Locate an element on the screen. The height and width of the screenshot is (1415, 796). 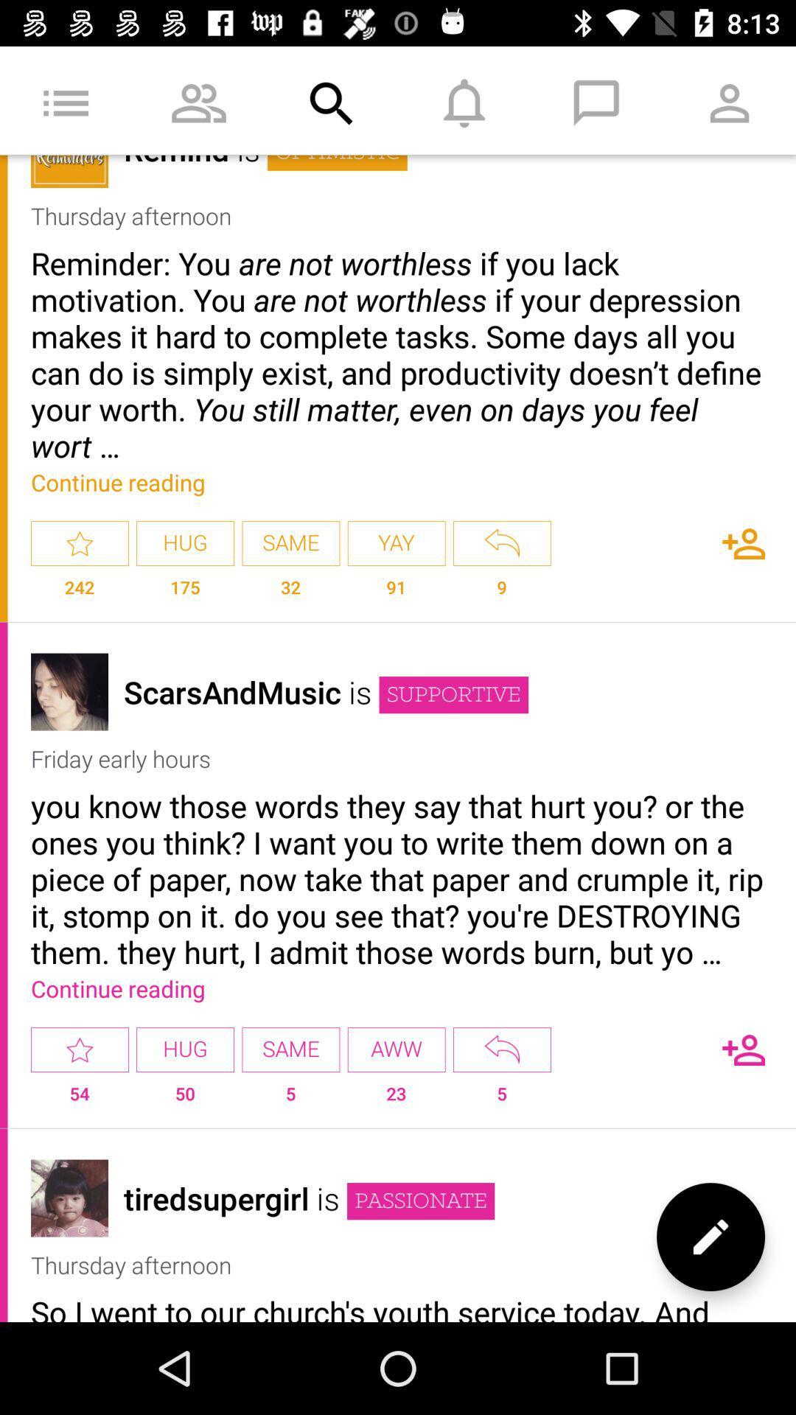
profile is located at coordinates (69, 1198).